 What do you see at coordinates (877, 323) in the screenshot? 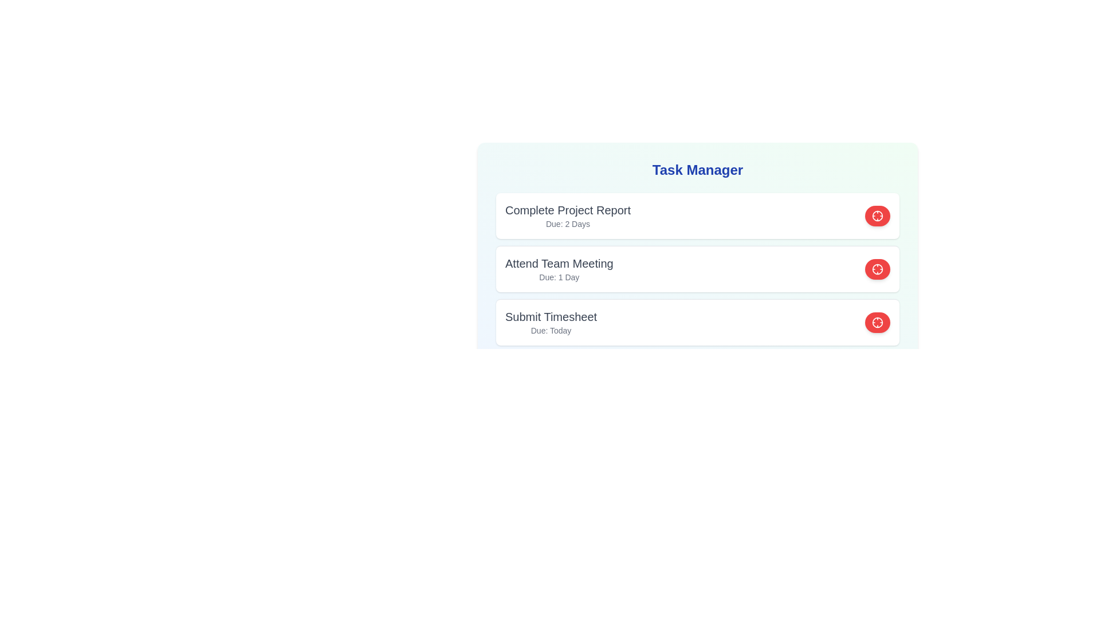
I see `the red crosshair icon located within the rounded red button on the far-right side of the third item` at bounding box center [877, 323].